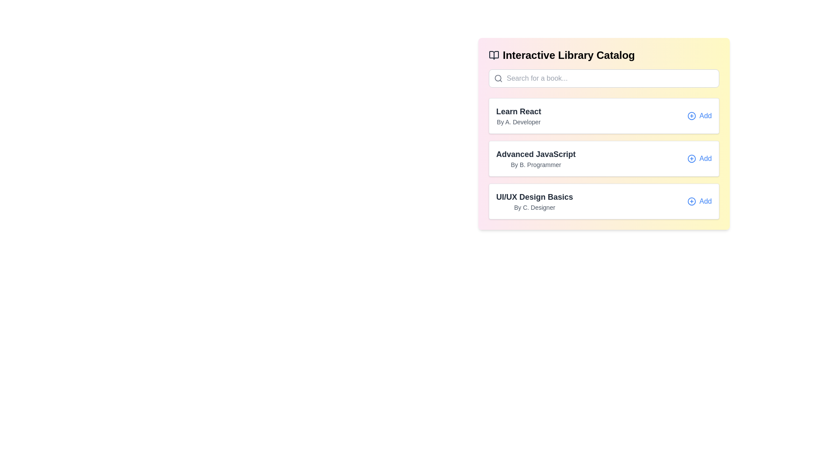 The image size is (838, 471). Describe the element at coordinates (534, 197) in the screenshot. I see `text label displaying 'UI/UX Design Basics' located in the lower third of the catalog interface, which is part of a book listing` at that location.